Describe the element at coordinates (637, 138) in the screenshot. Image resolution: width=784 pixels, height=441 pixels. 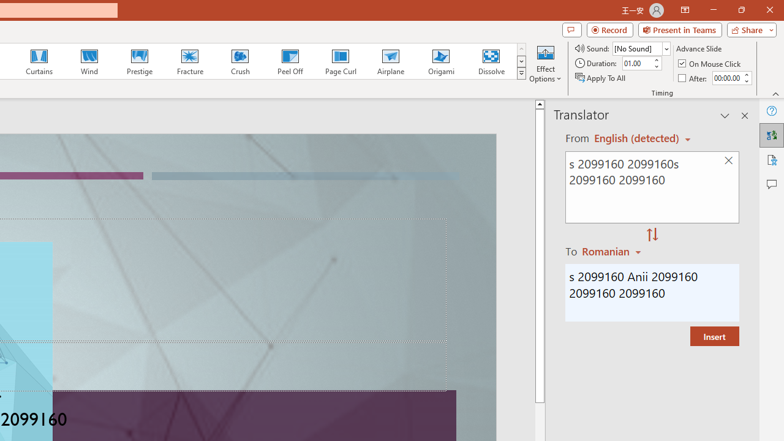
I see `'Czech (detected)'` at that location.